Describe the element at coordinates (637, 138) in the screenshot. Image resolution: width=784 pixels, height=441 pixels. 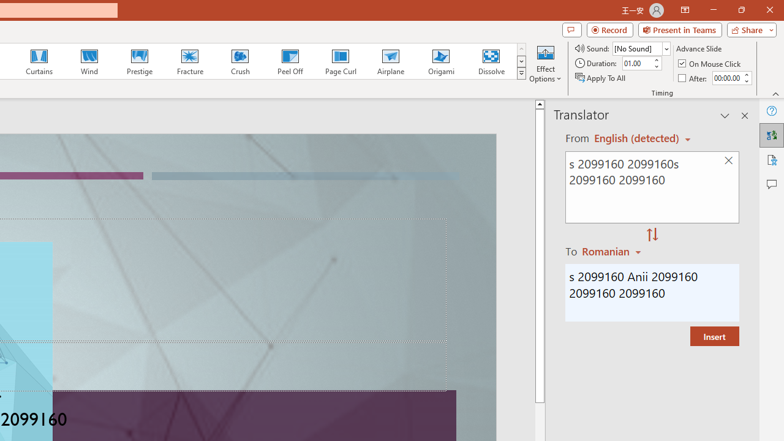
I see `'Czech (detected)'` at that location.